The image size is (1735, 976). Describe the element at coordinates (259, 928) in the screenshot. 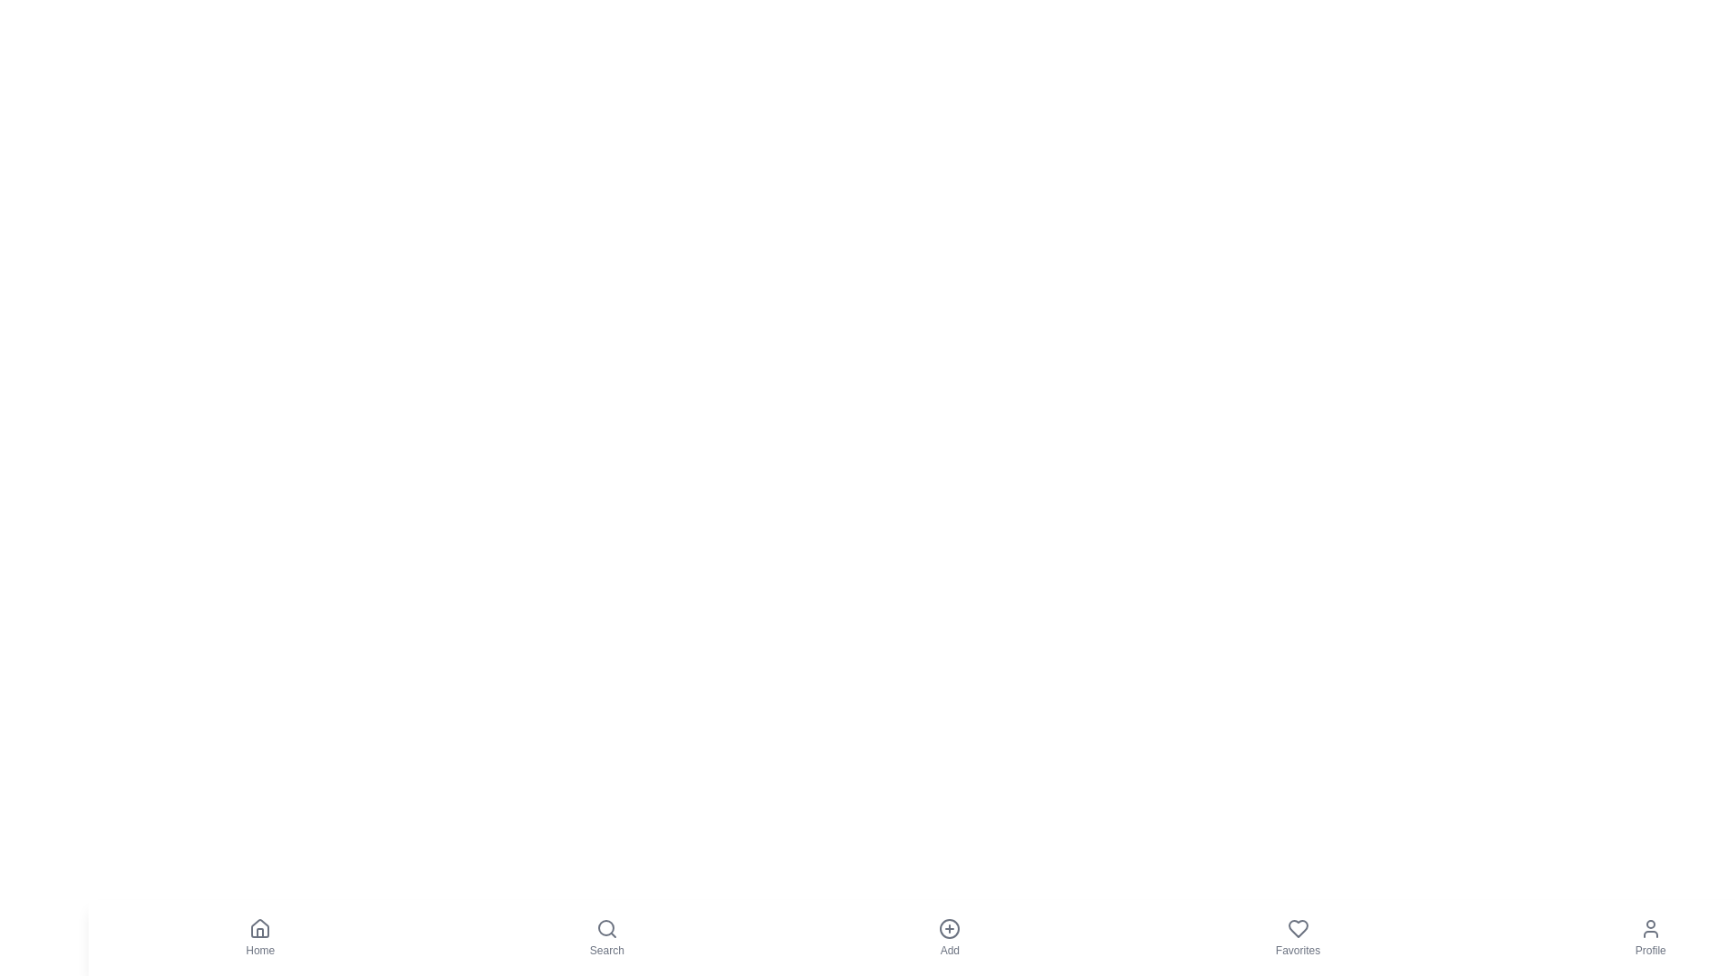

I see `the primary body of the house icon located in the bottom navigation bar, which is the left-most icon among the navigation icons` at that location.